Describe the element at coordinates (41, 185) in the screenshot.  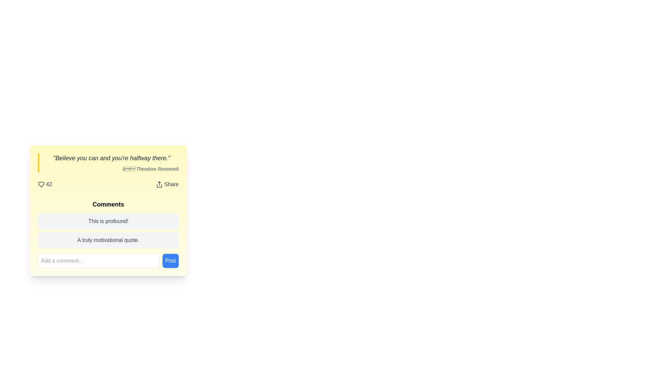
I see `the heart-shaped icon outlined in a dark color` at that location.